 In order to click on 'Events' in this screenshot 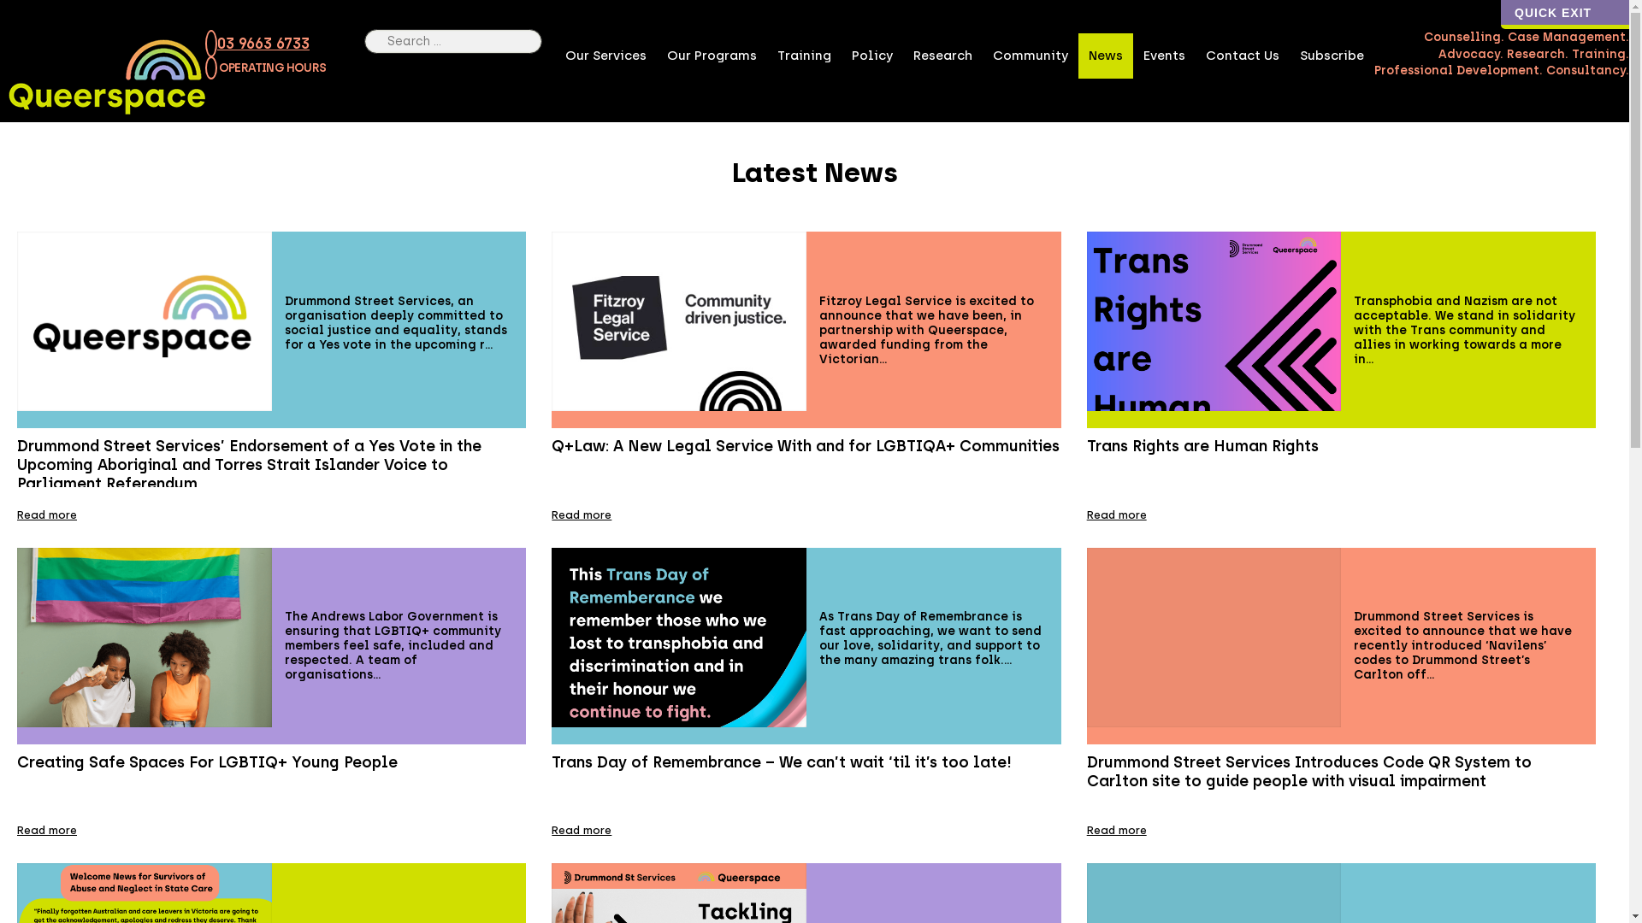, I will do `click(1163, 55)`.